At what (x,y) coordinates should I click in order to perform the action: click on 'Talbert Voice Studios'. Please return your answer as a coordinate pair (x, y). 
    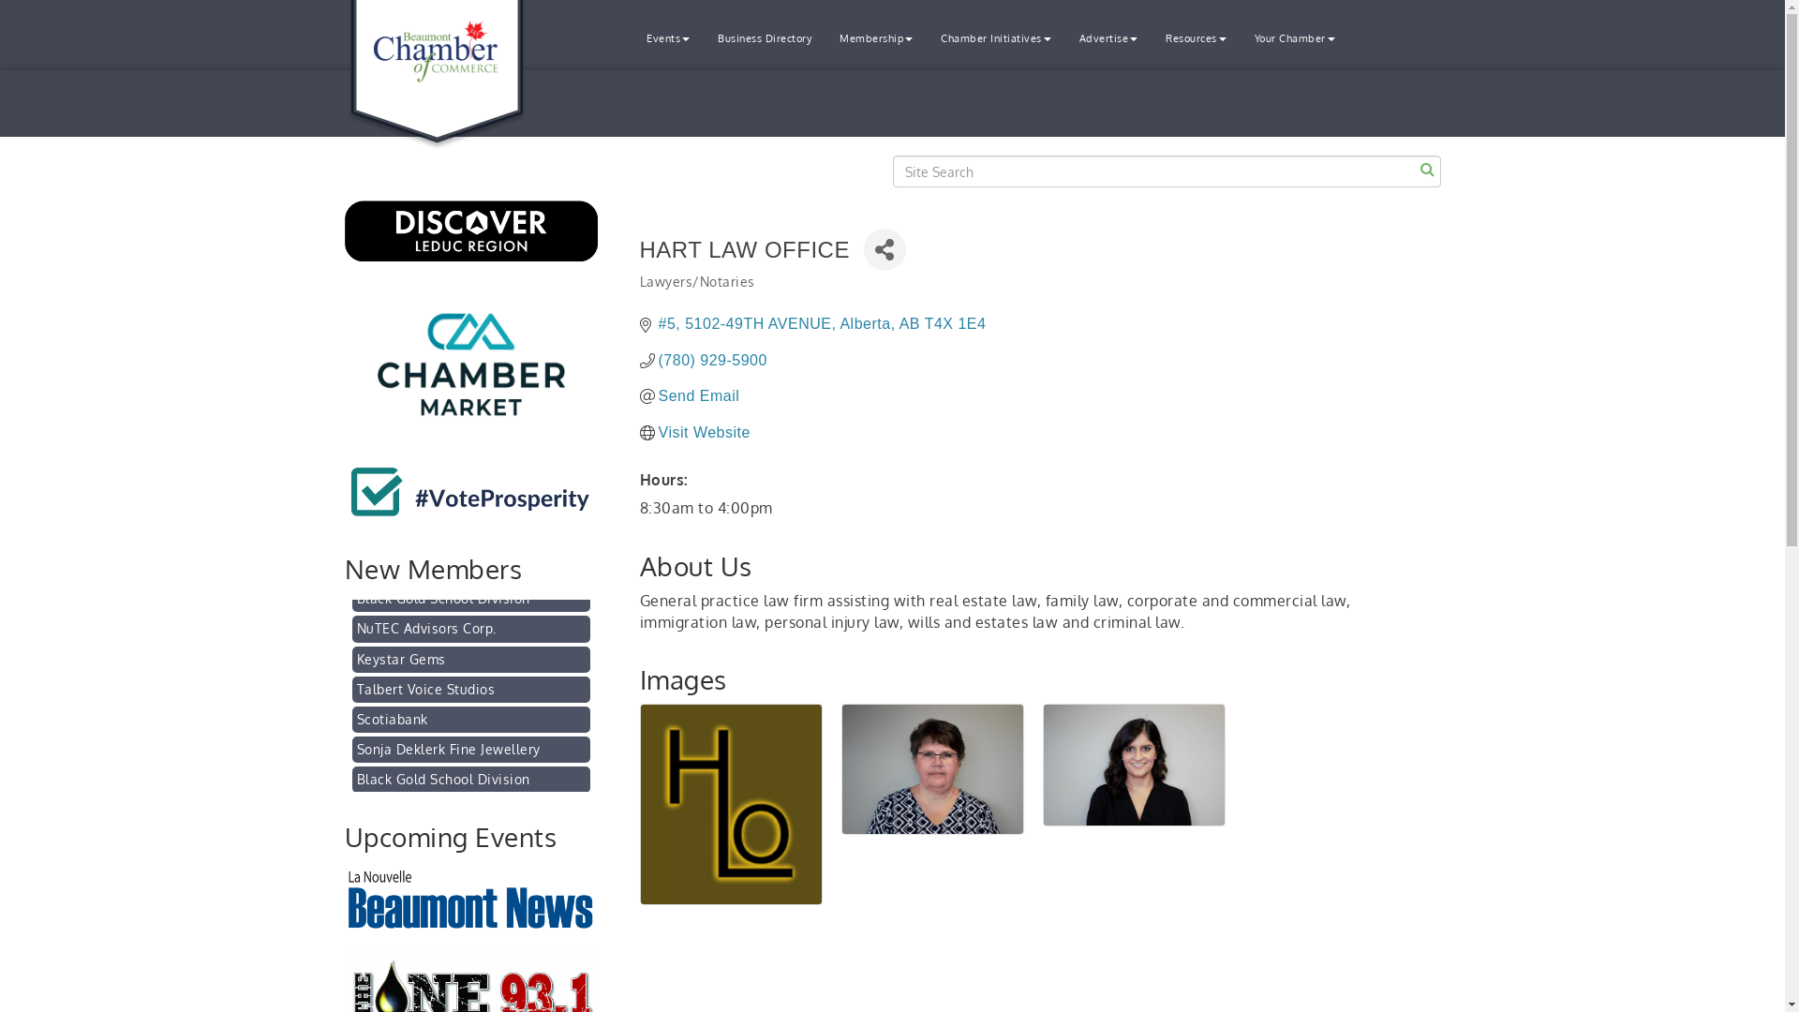
    Looking at the image, I should click on (471, 718).